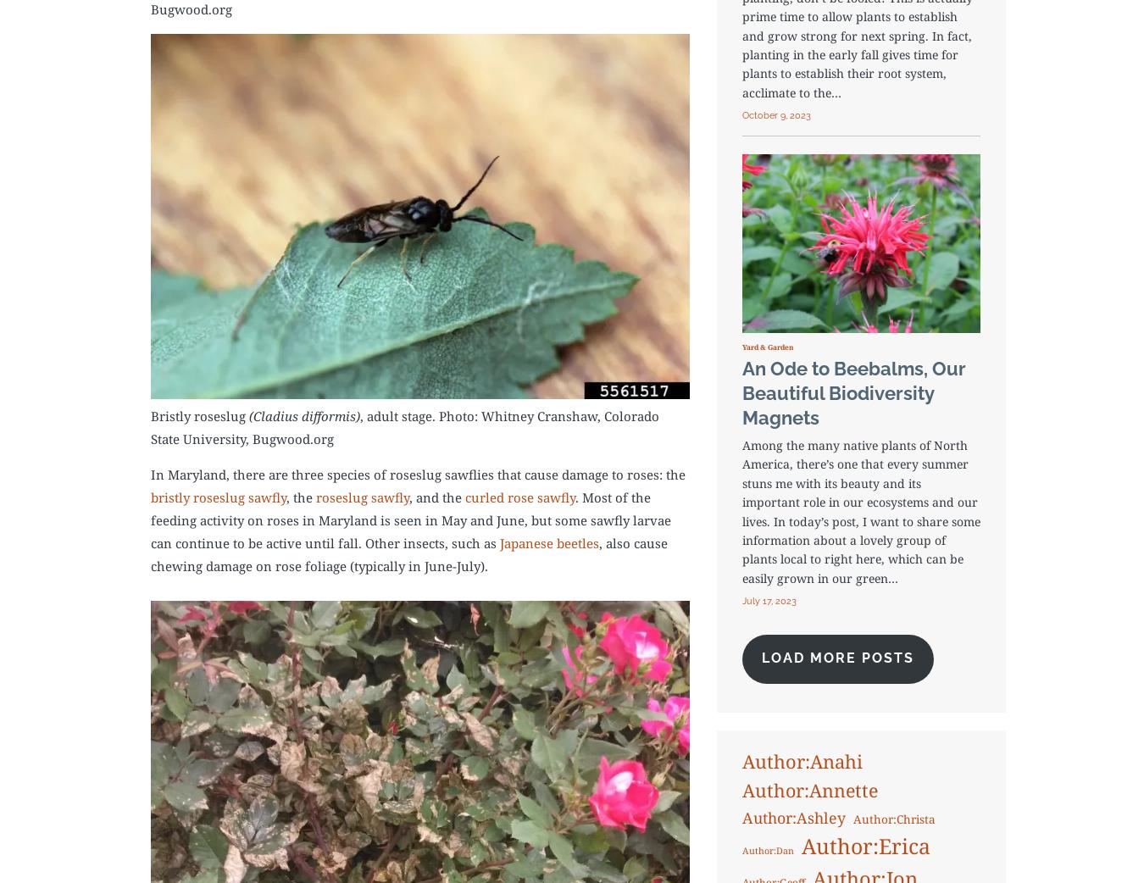 This screenshot has height=883, width=1144. Describe the element at coordinates (519, 496) in the screenshot. I see `'curled rose sawfly'` at that location.